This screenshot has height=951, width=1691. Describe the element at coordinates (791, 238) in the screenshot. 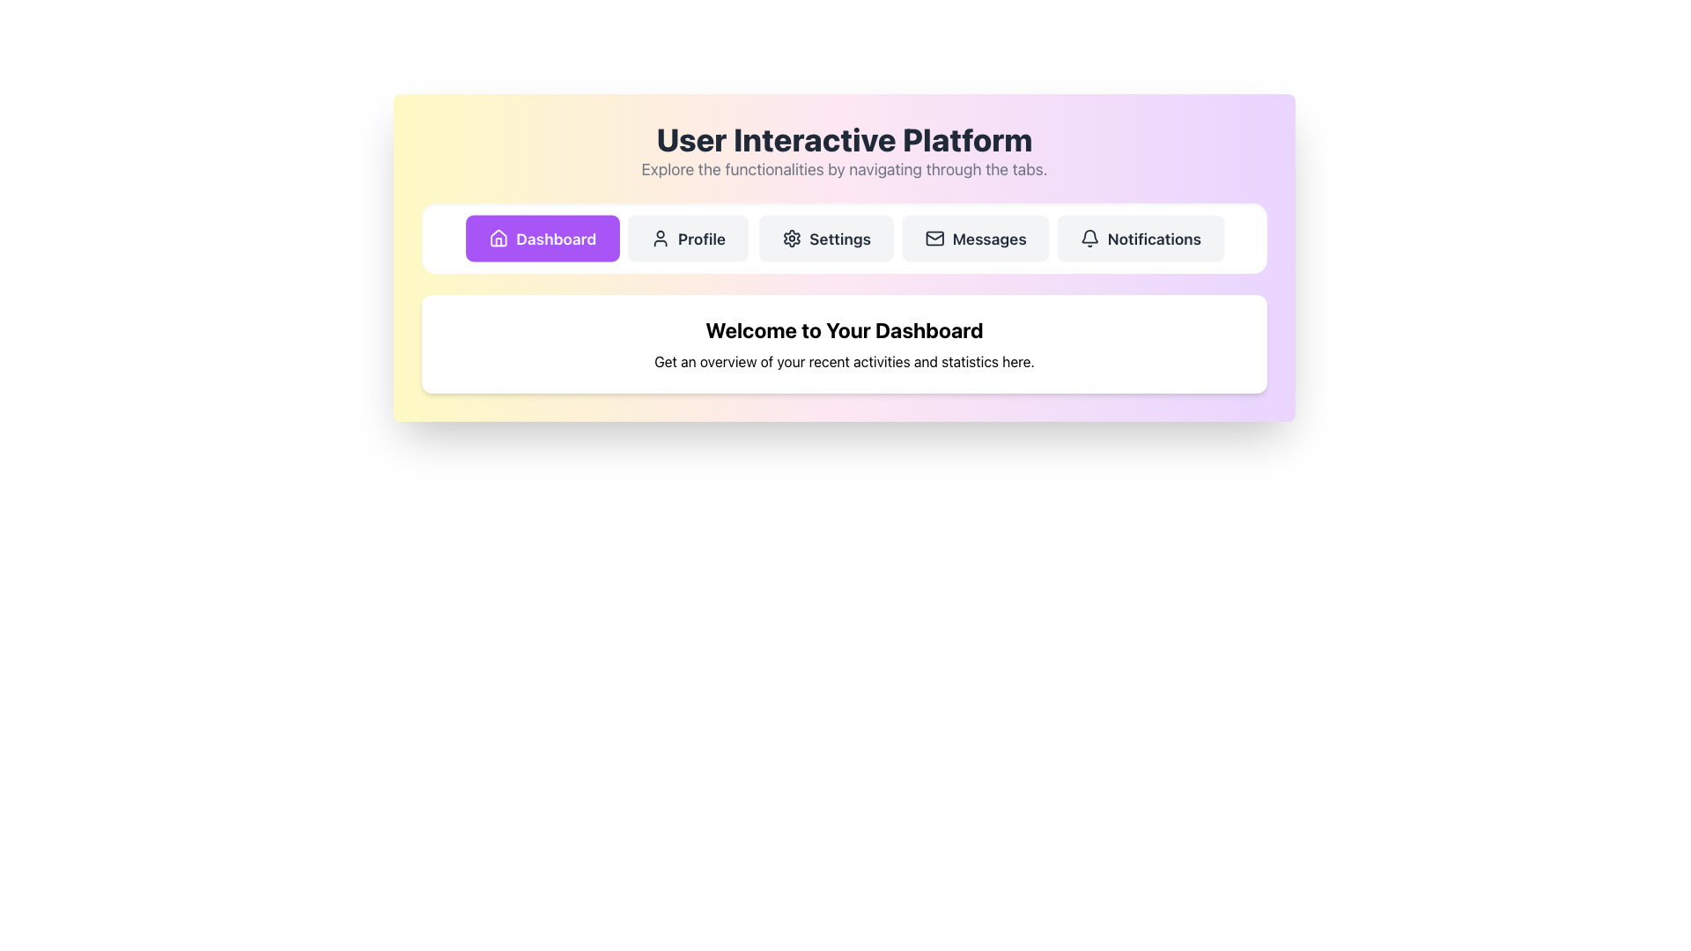

I see `the settings icon located in the navigation bar, visually represented by a gear or cog, positioned to the left of the 'Settings' text` at that location.